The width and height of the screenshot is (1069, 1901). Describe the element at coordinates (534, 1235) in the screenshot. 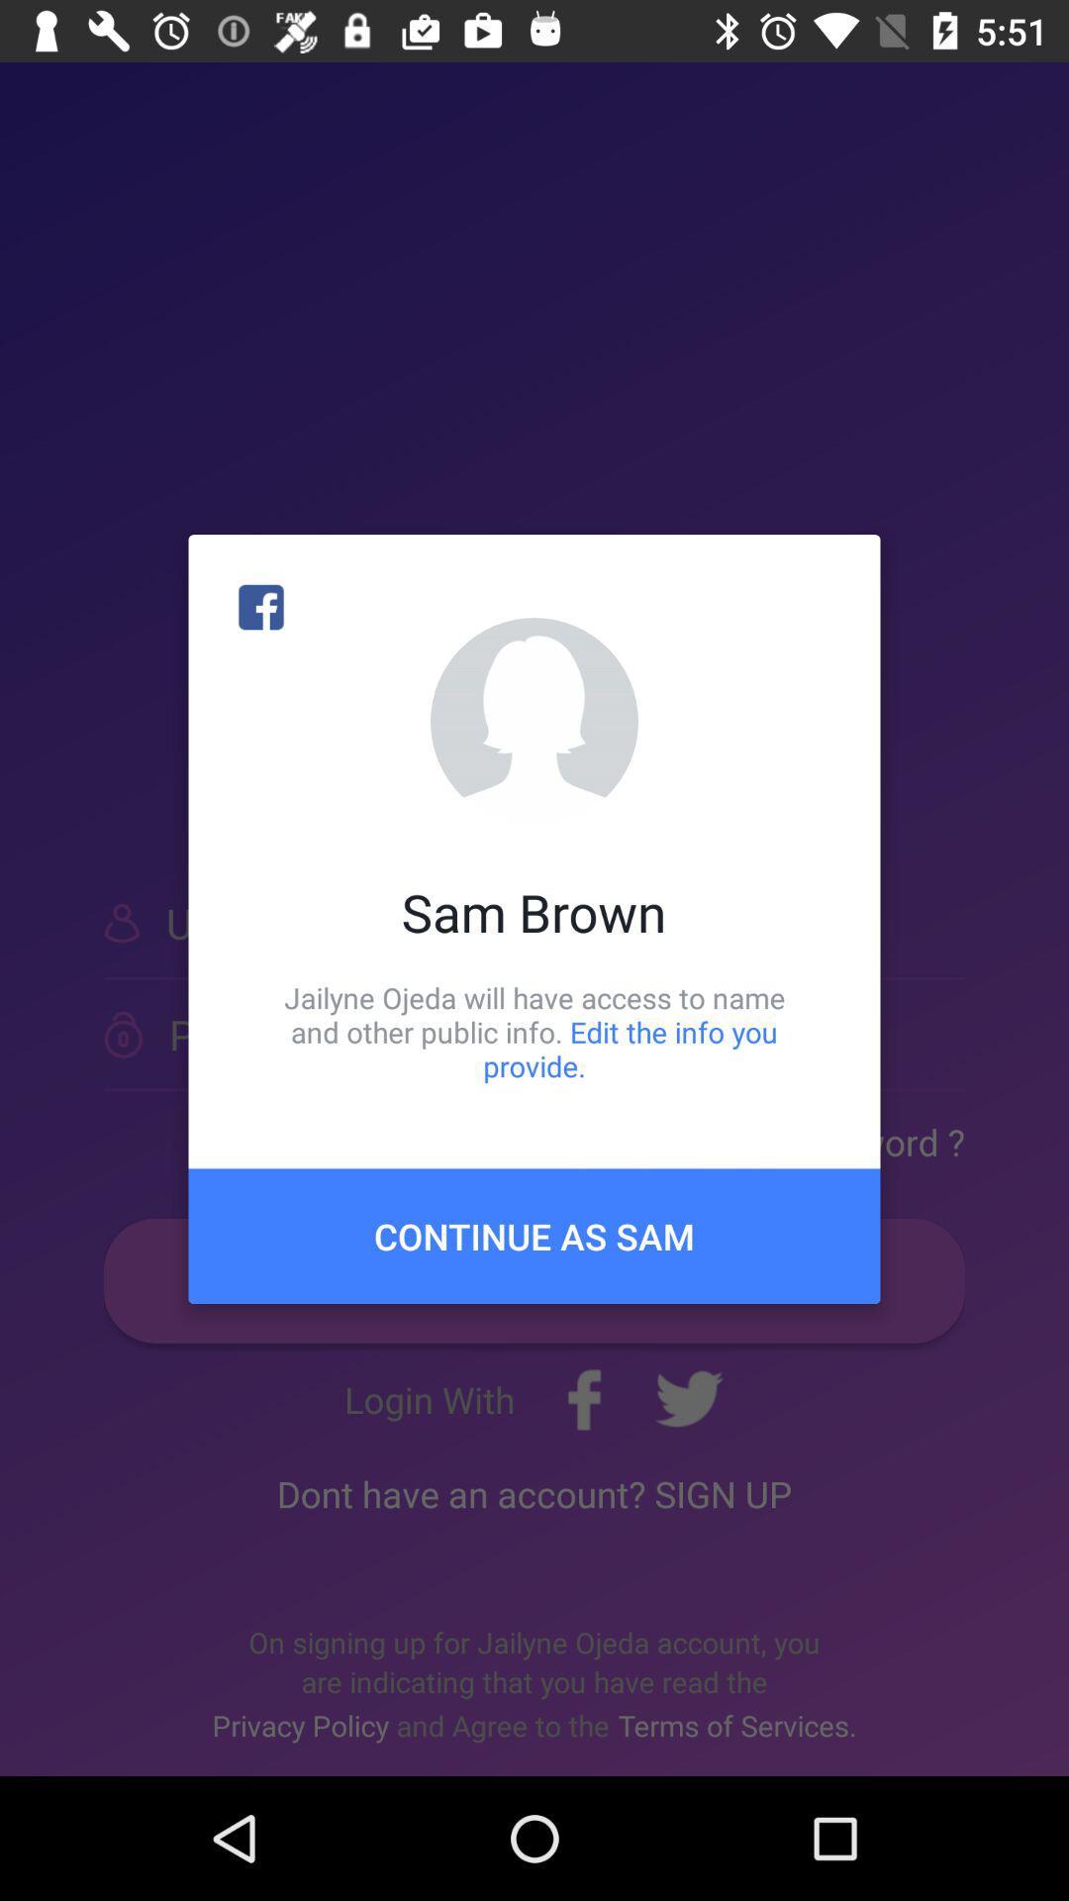

I see `the continue as sam item` at that location.